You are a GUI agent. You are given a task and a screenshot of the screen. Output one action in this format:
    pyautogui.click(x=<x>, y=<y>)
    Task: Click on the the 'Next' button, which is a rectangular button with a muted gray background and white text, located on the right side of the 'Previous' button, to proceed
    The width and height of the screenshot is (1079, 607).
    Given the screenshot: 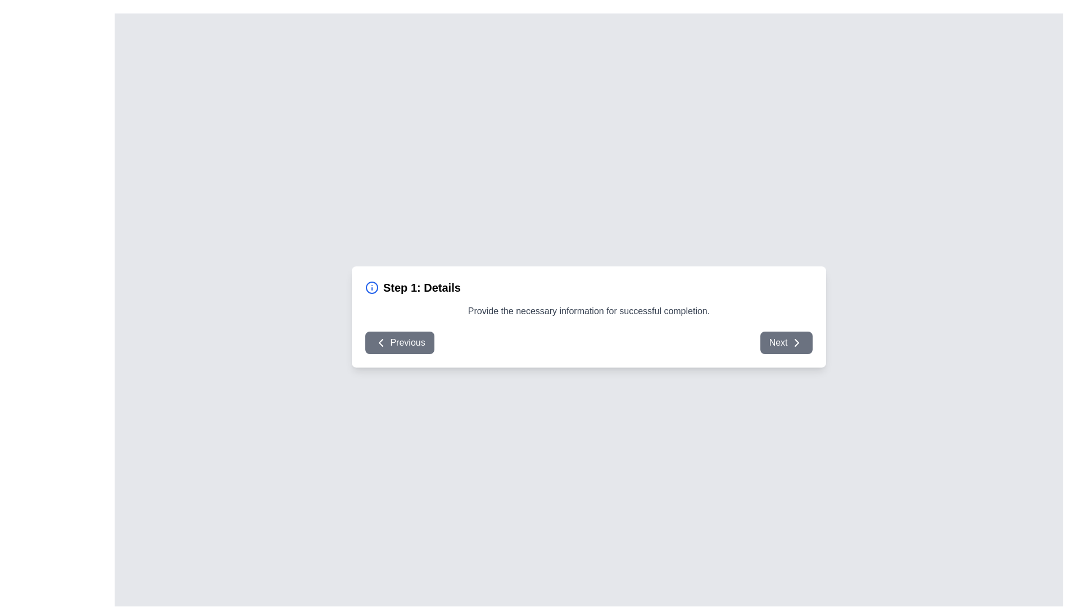 What is the action you would take?
    pyautogui.click(x=786, y=342)
    